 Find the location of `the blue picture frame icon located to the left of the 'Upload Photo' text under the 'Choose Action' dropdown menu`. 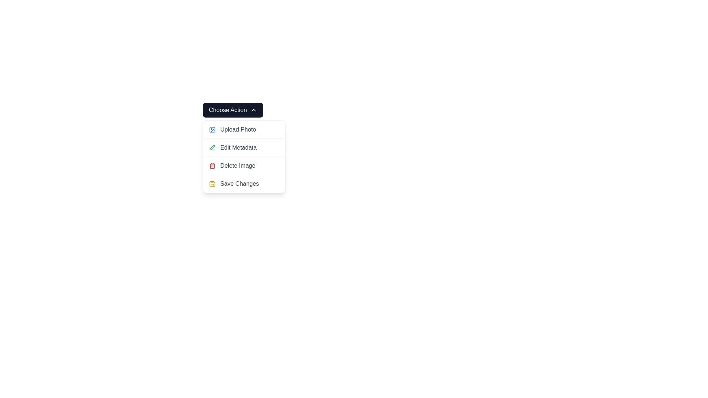

the blue picture frame icon located to the left of the 'Upload Photo' text under the 'Choose Action' dropdown menu is located at coordinates (212, 129).